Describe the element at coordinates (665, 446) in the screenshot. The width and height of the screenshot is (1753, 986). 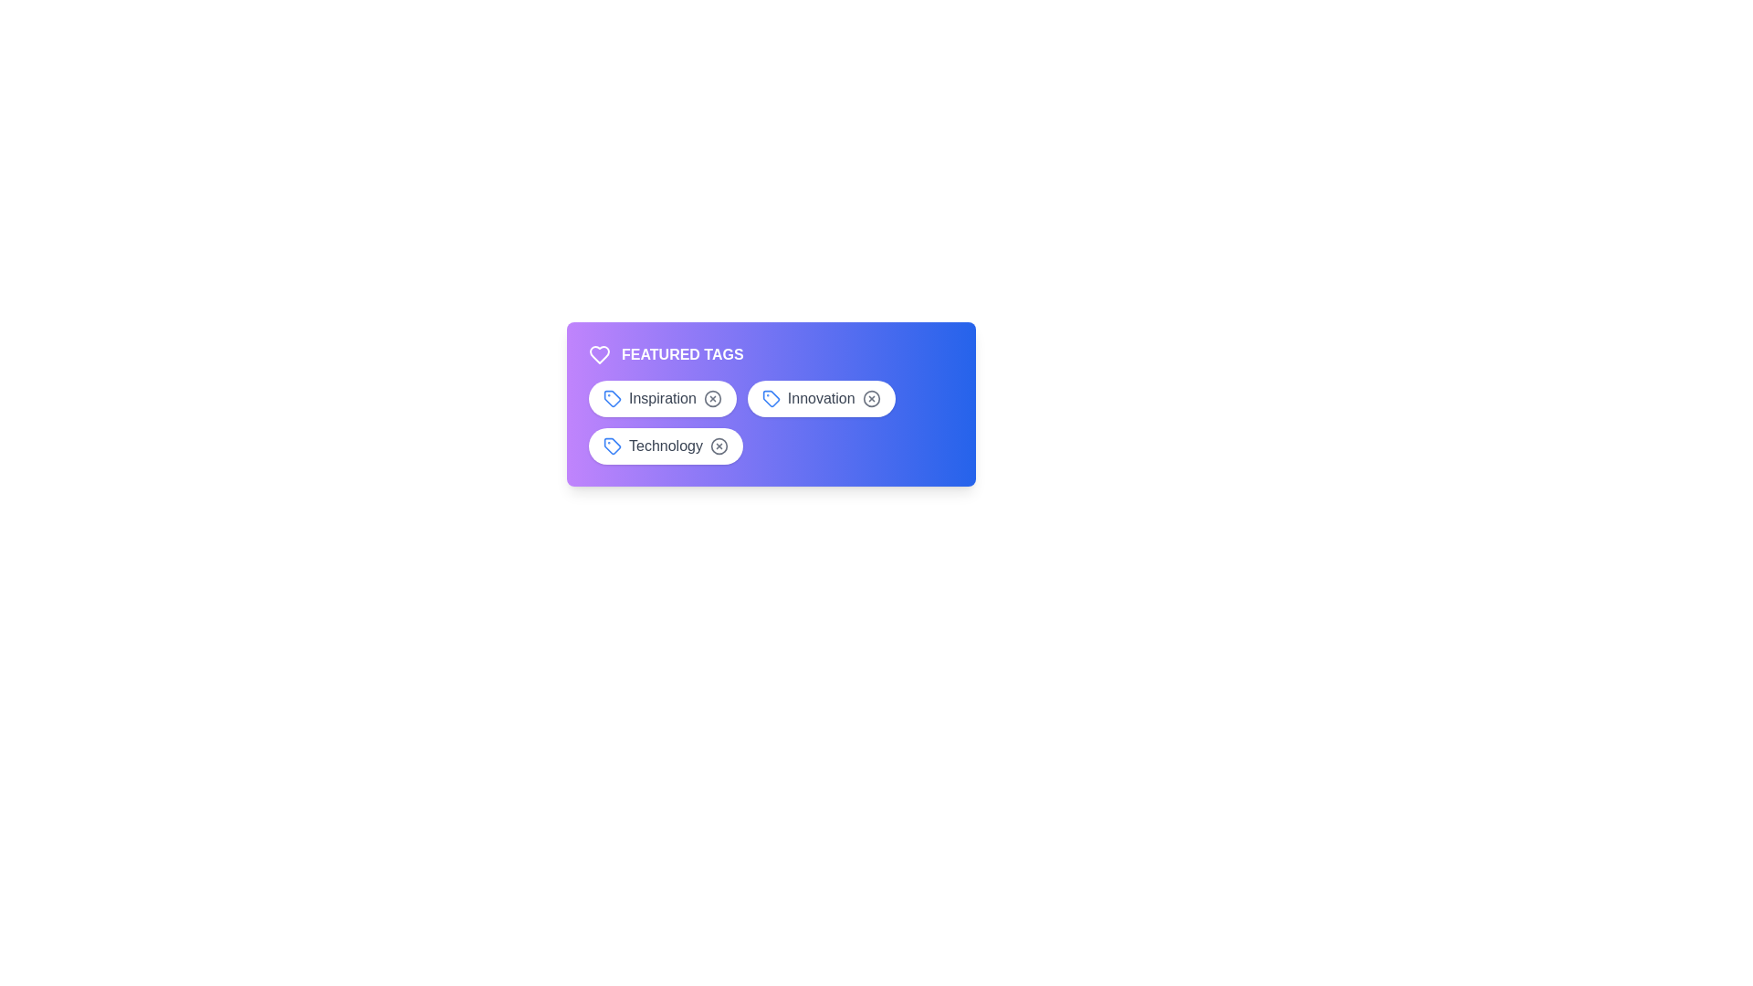
I see `the 'Technology' category tag, which is a rounded rectangular element with a blue tag icon and a close button represented by an 'X'` at that location.